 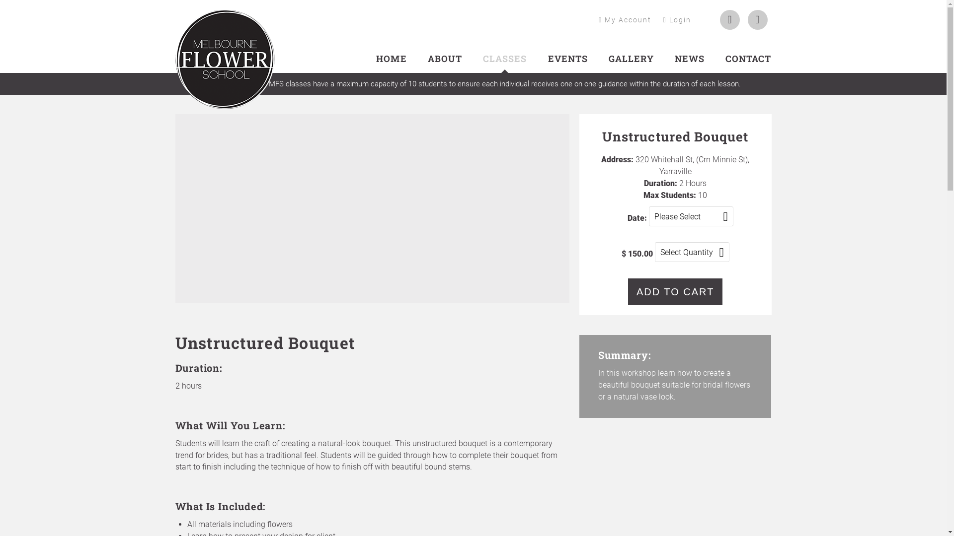 I want to click on 'NEWS', so click(x=689, y=59).